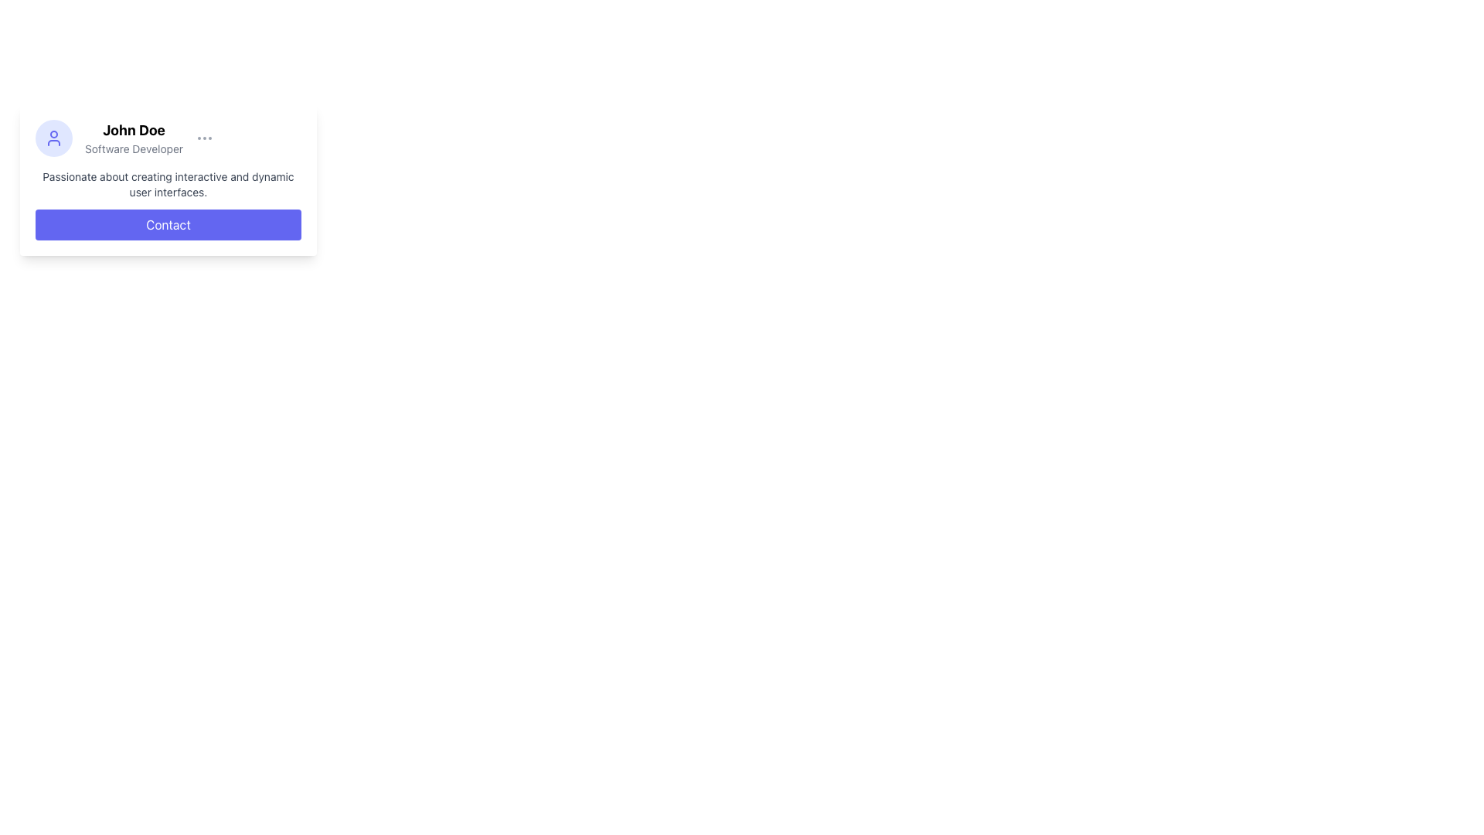 This screenshot has height=835, width=1484. Describe the element at coordinates (134, 130) in the screenshot. I see `text label displaying 'John Doe', which is the topmost text element in the card component, positioned above 'Software Developer'` at that location.